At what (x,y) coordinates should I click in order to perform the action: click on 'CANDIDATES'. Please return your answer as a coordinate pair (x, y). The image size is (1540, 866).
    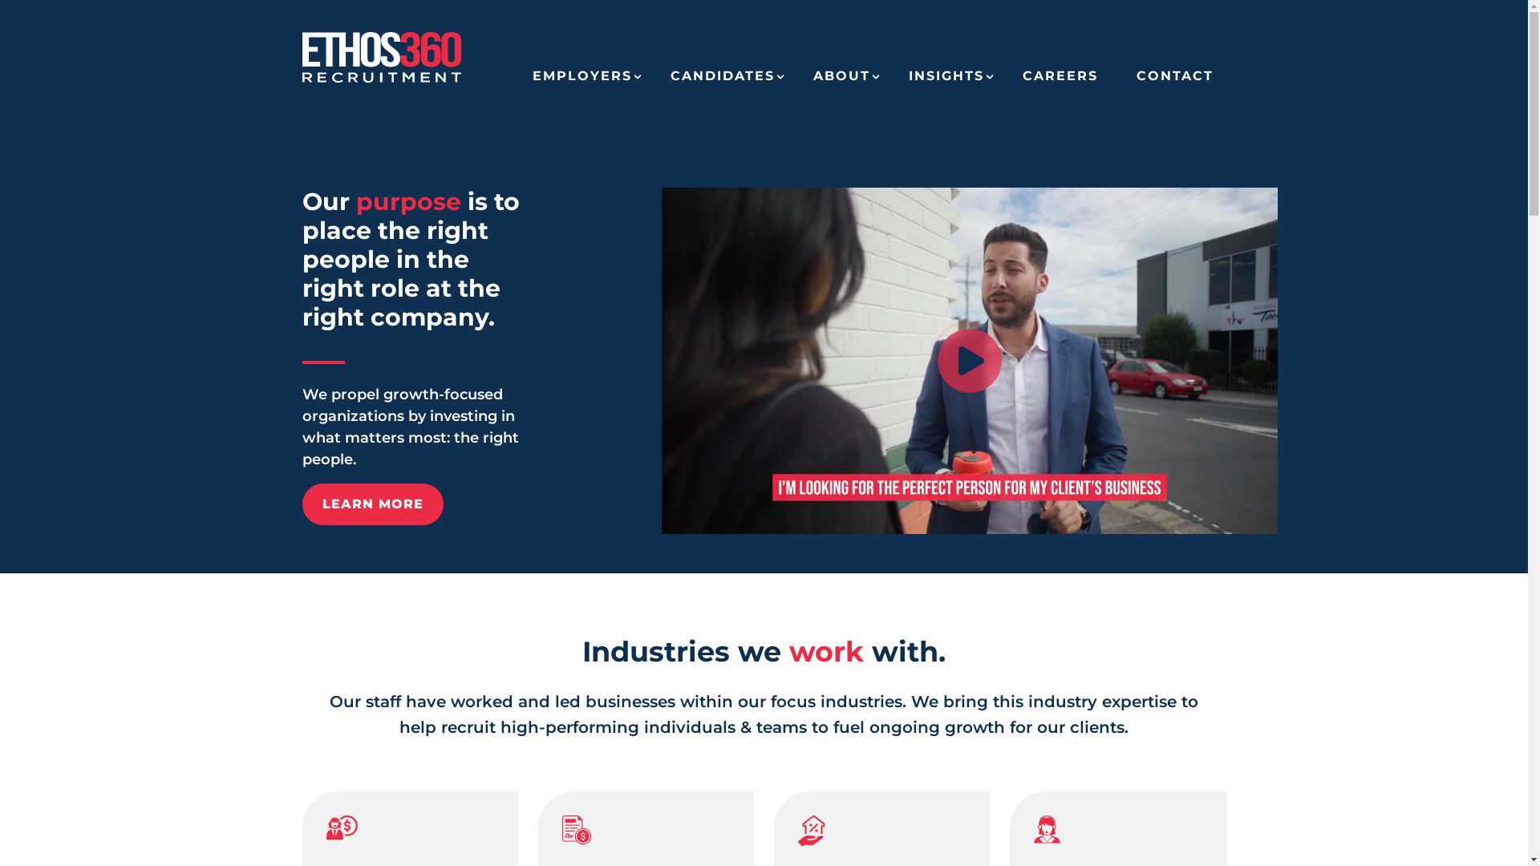
    Looking at the image, I should click on (722, 82).